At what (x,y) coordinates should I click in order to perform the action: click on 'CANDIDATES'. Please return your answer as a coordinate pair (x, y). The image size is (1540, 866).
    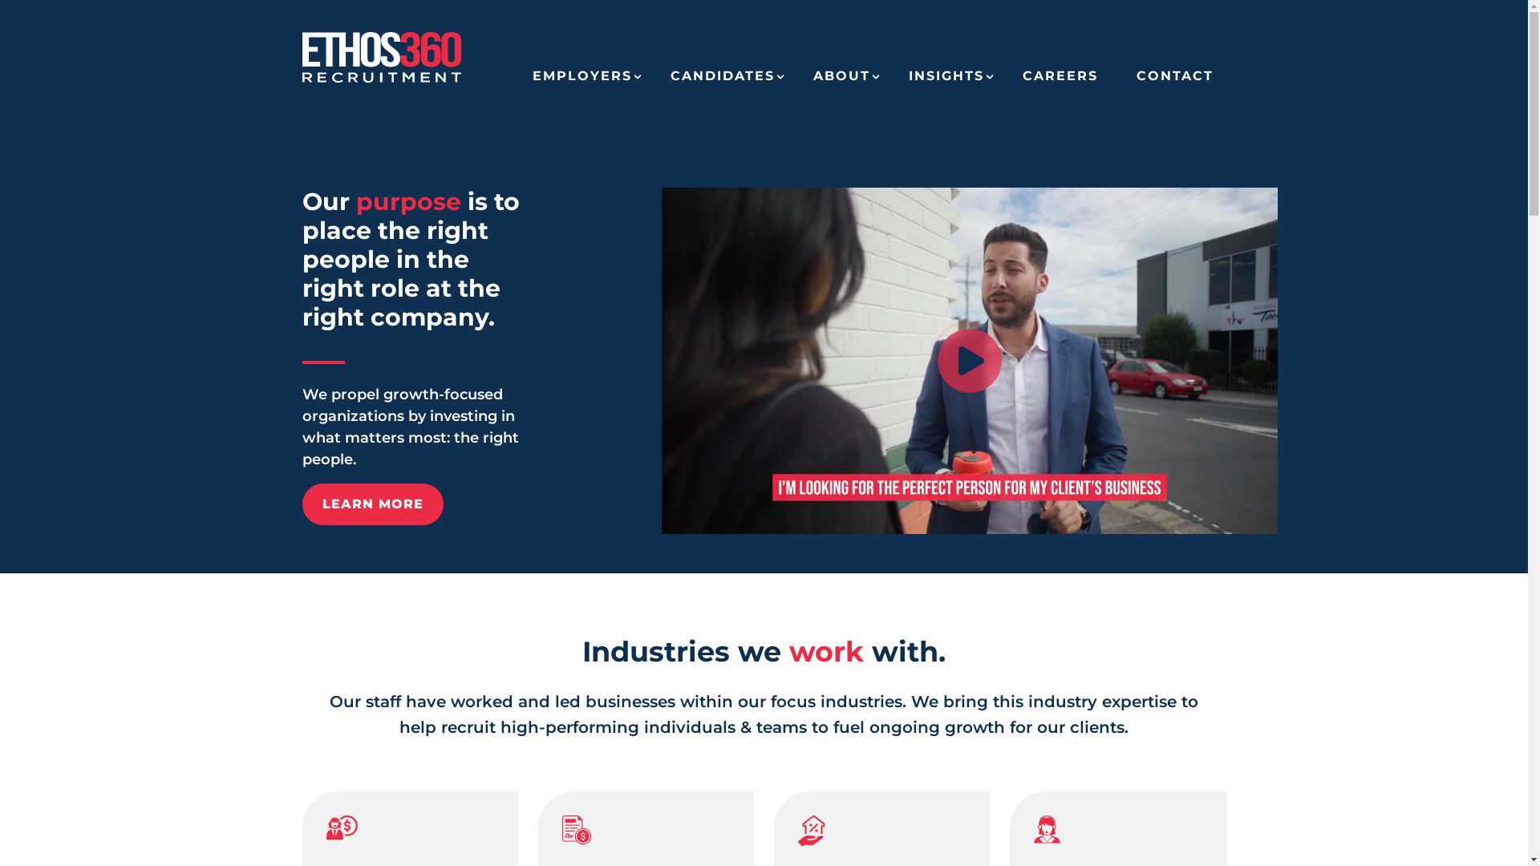
    Looking at the image, I should click on (722, 82).